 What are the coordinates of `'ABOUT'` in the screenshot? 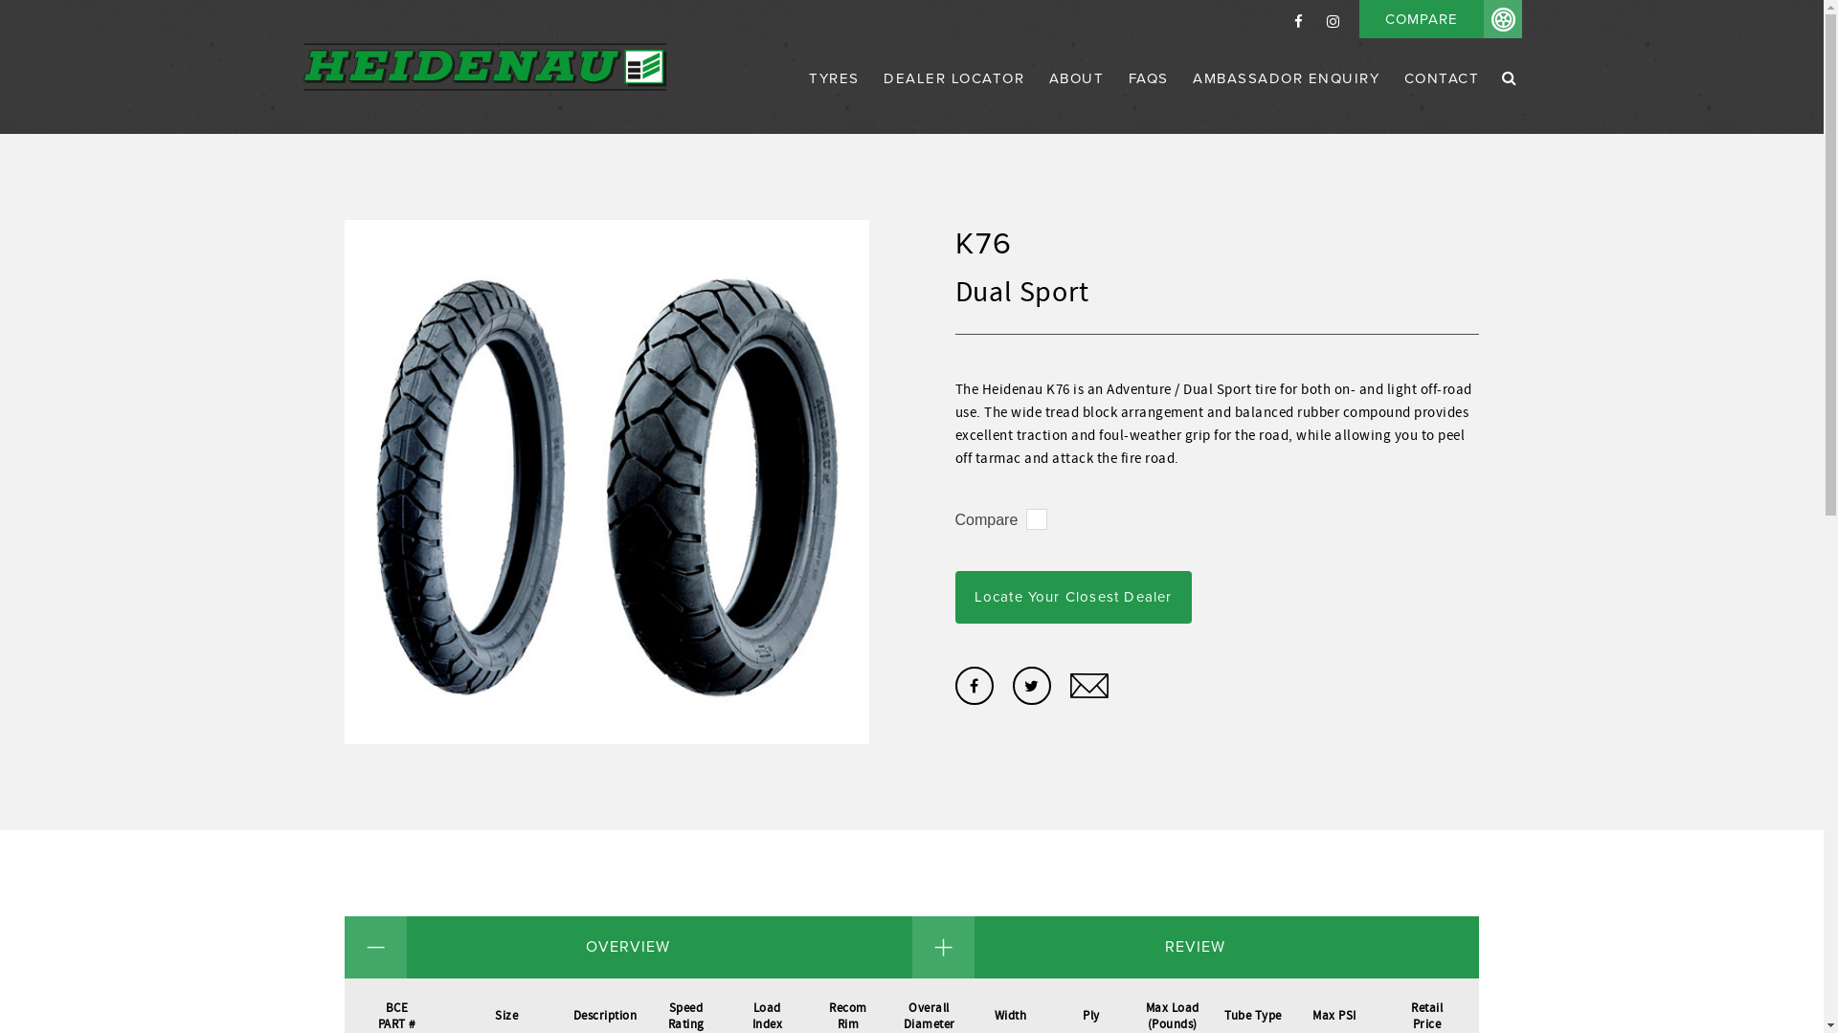 It's located at (1076, 99).